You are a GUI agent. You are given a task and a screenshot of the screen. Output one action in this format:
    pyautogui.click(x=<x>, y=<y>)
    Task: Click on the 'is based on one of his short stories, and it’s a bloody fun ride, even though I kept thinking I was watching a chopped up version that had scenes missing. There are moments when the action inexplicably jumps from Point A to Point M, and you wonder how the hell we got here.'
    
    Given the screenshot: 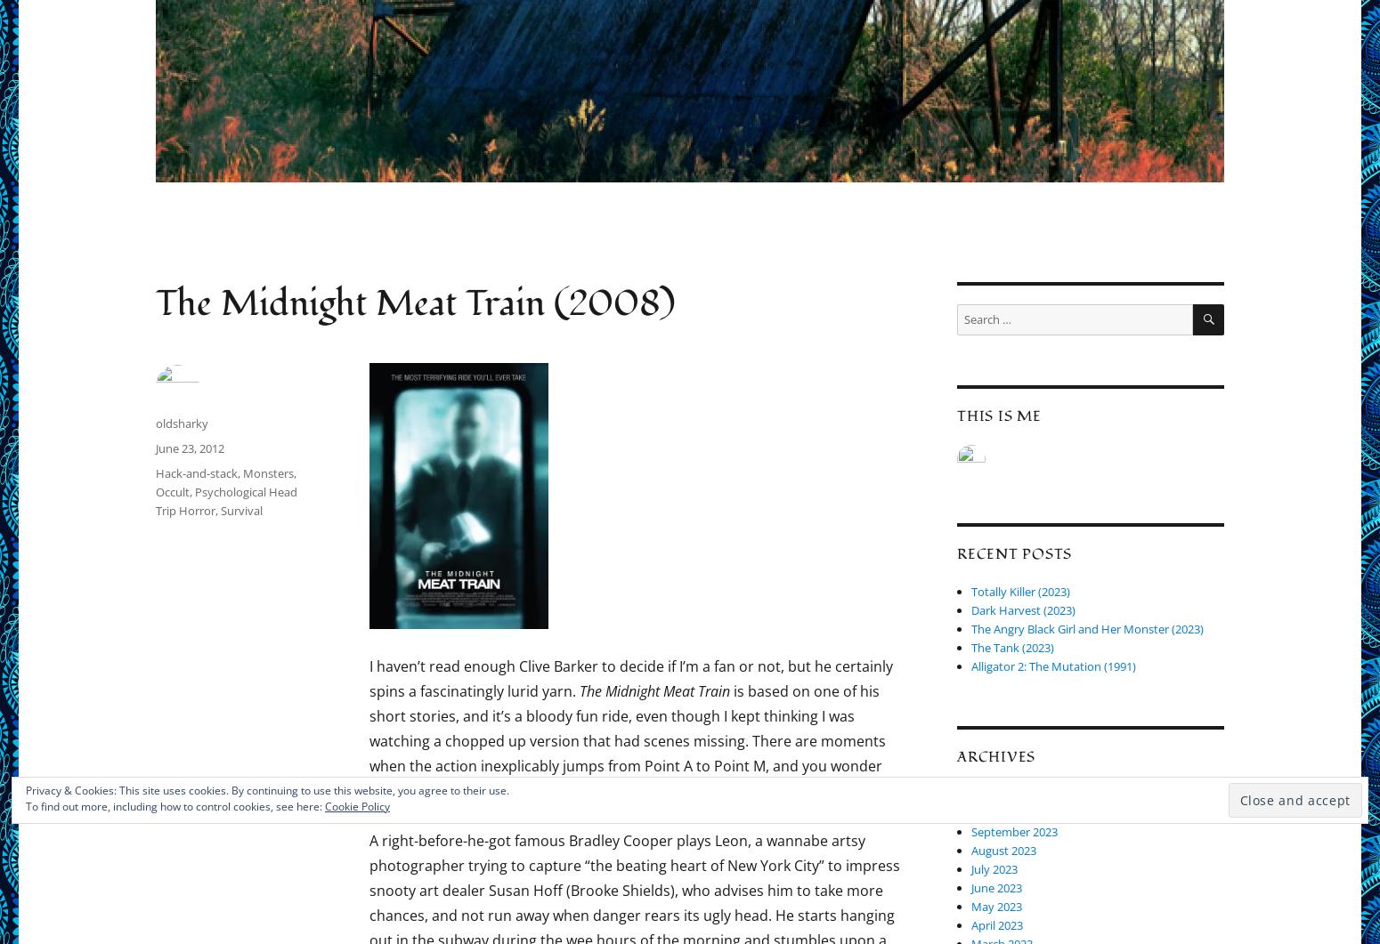 What is the action you would take?
    pyautogui.click(x=627, y=740)
    